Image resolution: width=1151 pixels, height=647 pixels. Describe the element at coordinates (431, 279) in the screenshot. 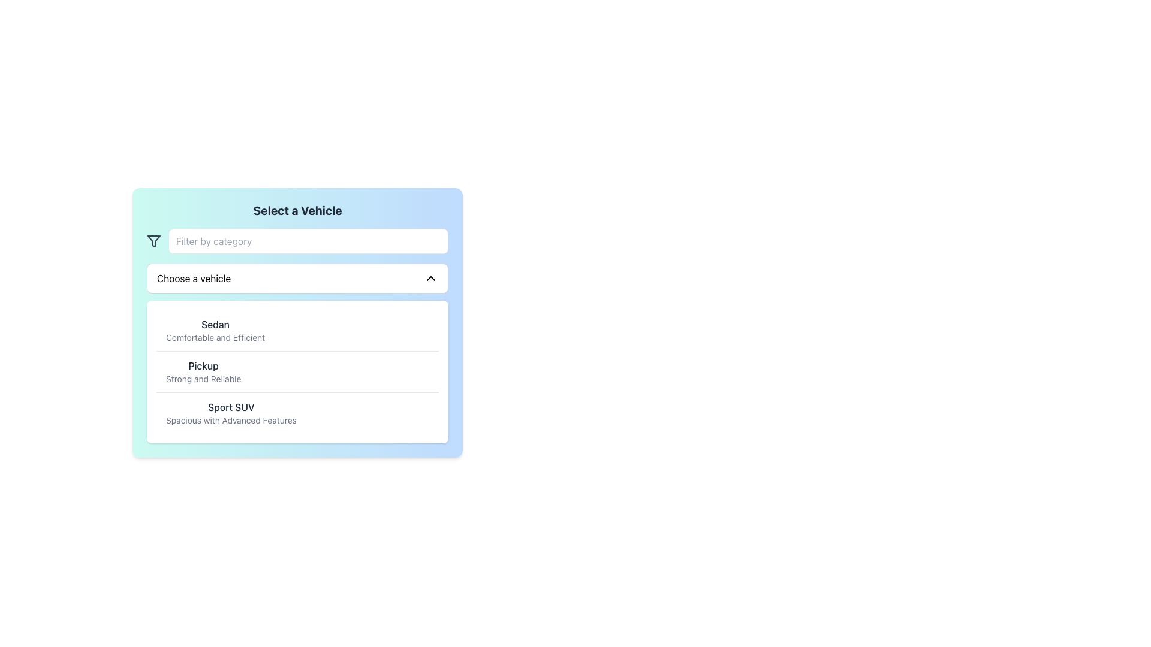

I see `the chevron-down arrow icon located at the right end of the 'Choose a vehicle' dropdown` at that location.